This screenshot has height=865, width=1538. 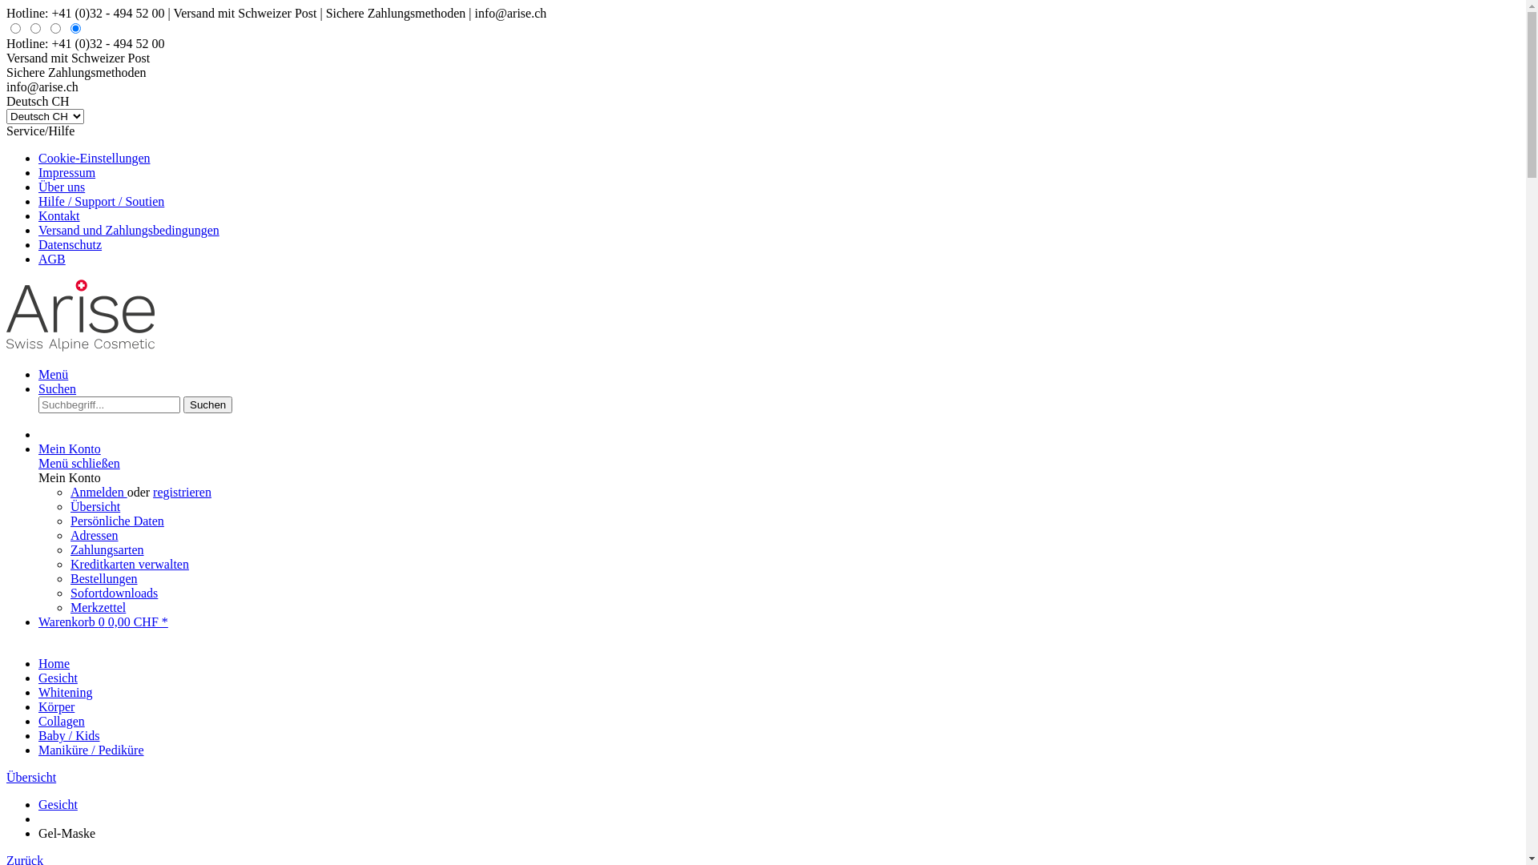 I want to click on 'Zahlungsarten', so click(x=107, y=549).